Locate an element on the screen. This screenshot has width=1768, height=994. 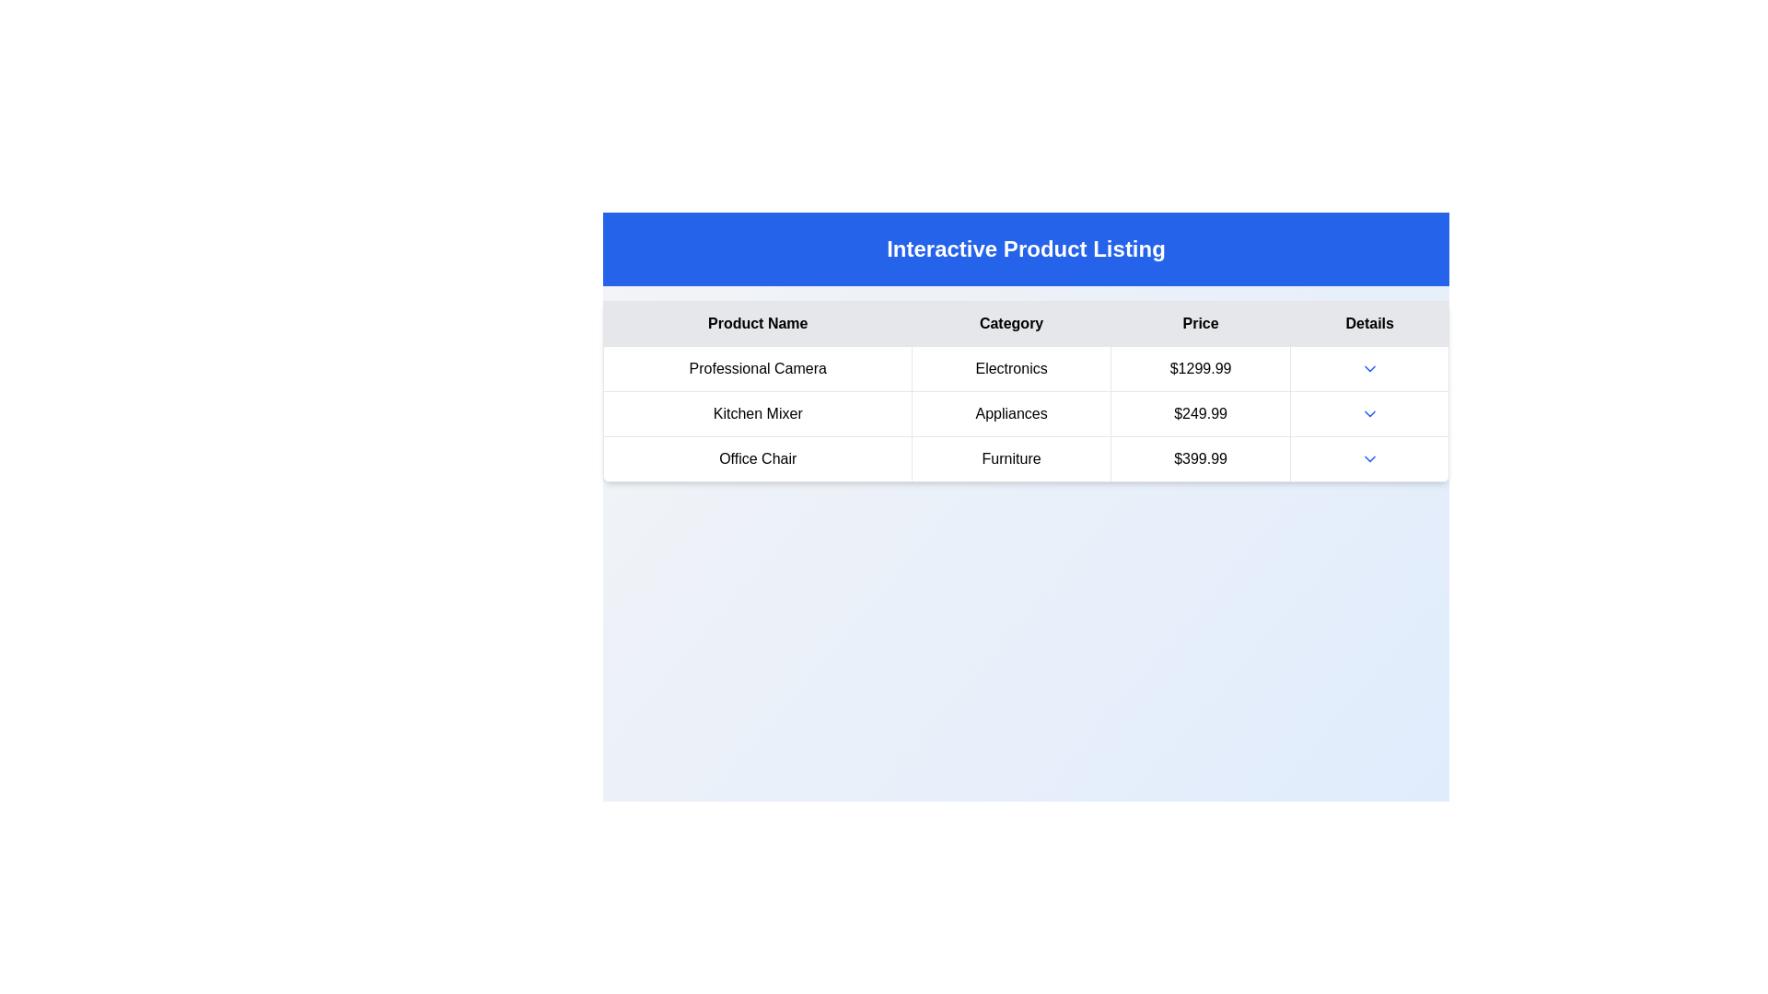
the chevron icon in the 'Details' column of the first row of the product listing table to trigger a tooltip is located at coordinates (1369, 369).